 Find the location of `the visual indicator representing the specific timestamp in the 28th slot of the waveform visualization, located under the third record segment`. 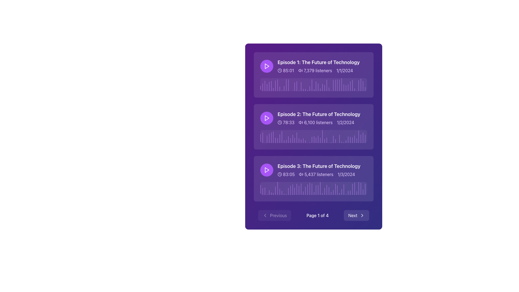

the visual indicator representing the specific timestamp in the 28th slot of the waveform visualization, located under the third record segment is located at coordinates (310, 188).